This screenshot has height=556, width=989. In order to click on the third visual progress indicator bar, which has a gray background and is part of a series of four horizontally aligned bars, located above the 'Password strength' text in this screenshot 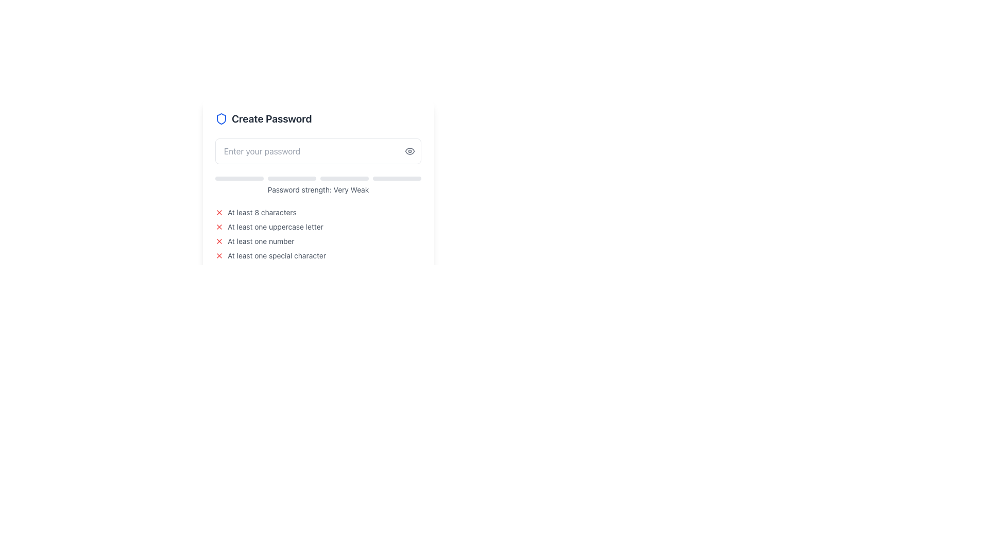, I will do `click(344, 178)`.